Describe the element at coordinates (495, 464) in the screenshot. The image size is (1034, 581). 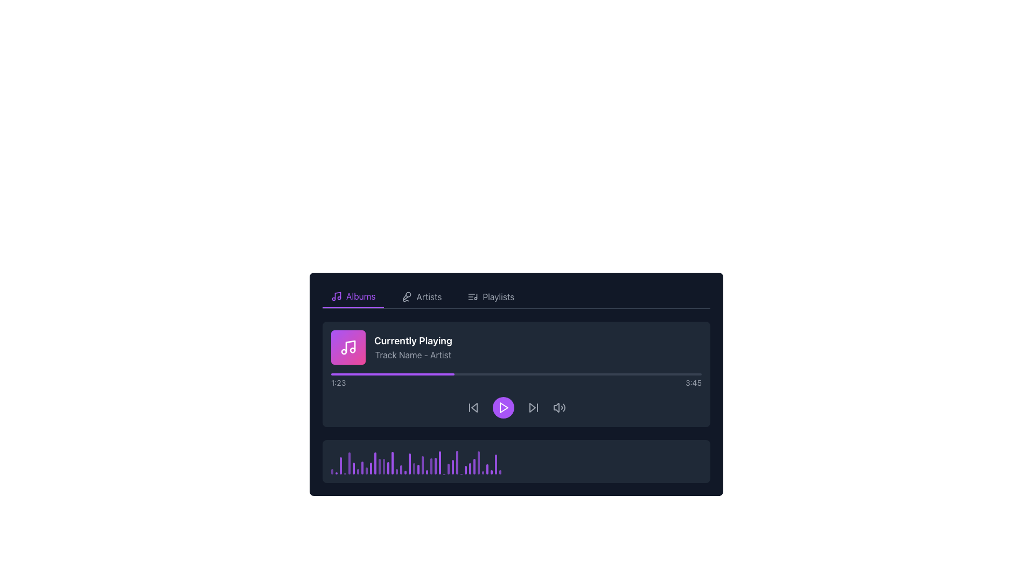
I see `the graphical bar element that visually represents audio or media playback data, located at the lower section of the interface beneath the playback controls` at that location.